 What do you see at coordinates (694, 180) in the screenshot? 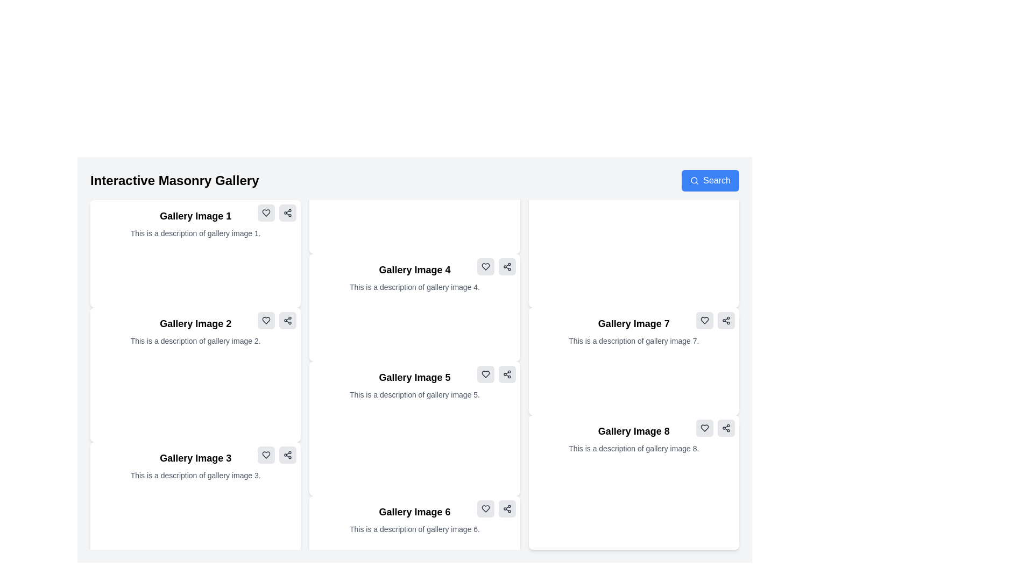
I see `the small circular outline icon within the search button at the top-right corner of the interface, which represents a magnifying glass` at bounding box center [694, 180].